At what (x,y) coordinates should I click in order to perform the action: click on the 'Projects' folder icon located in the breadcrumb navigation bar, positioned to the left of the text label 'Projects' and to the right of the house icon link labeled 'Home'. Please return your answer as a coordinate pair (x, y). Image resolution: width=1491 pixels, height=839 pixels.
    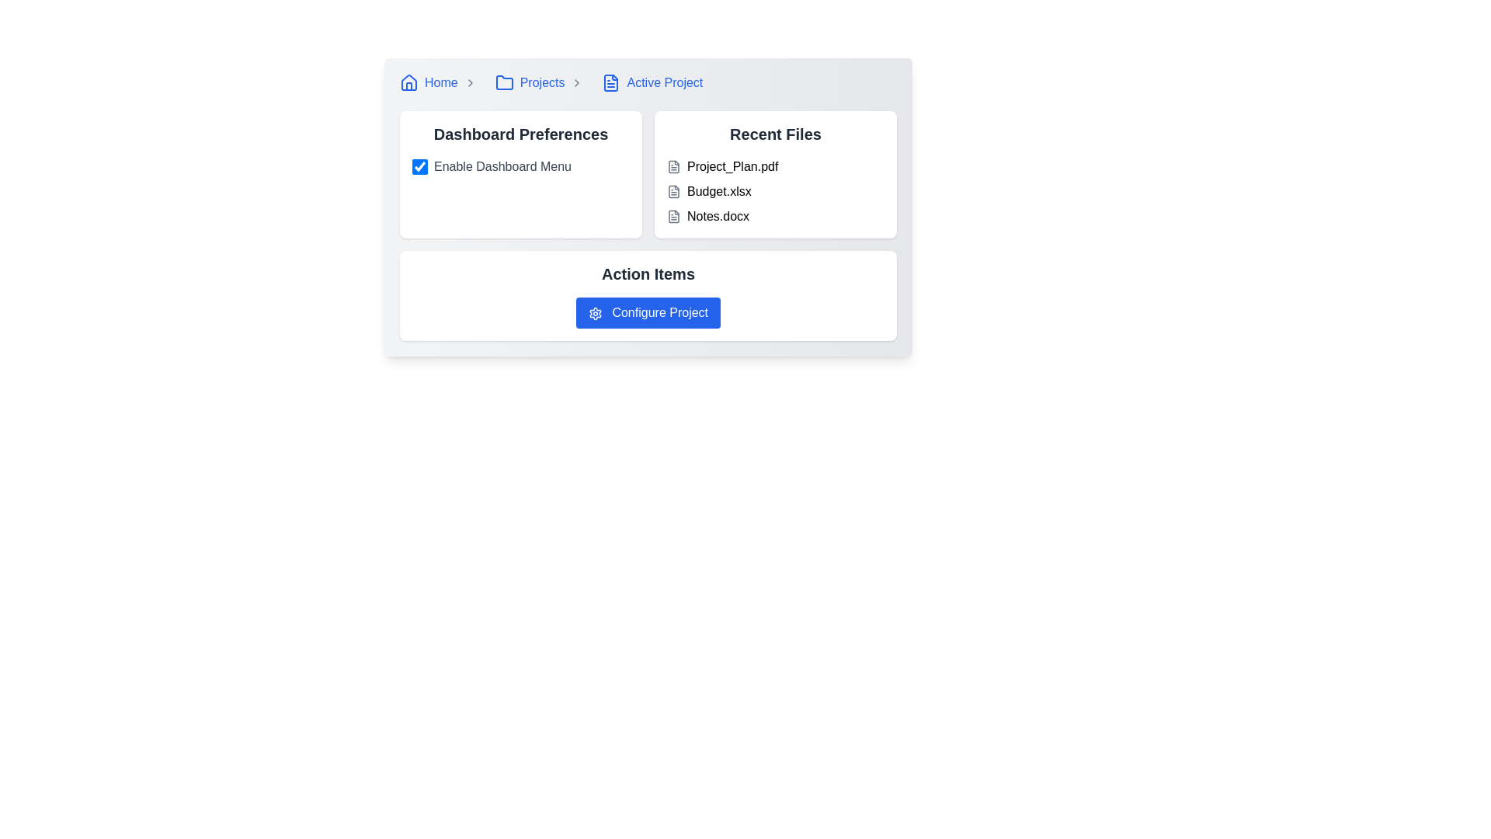
    Looking at the image, I should click on (504, 83).